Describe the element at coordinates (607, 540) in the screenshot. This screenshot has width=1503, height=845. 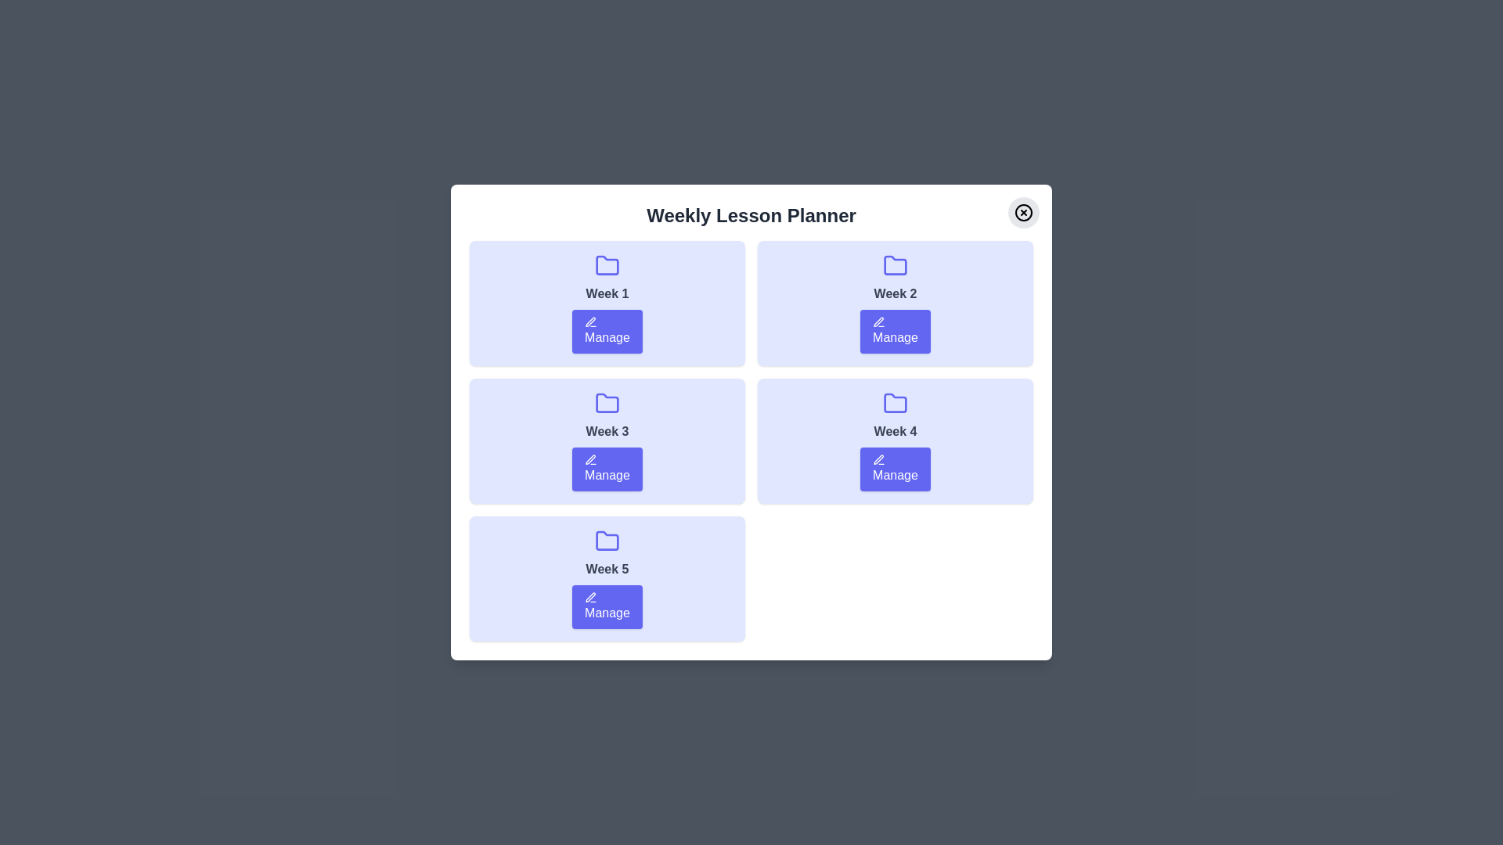
I see `the folder icon for Week 5` at that location.